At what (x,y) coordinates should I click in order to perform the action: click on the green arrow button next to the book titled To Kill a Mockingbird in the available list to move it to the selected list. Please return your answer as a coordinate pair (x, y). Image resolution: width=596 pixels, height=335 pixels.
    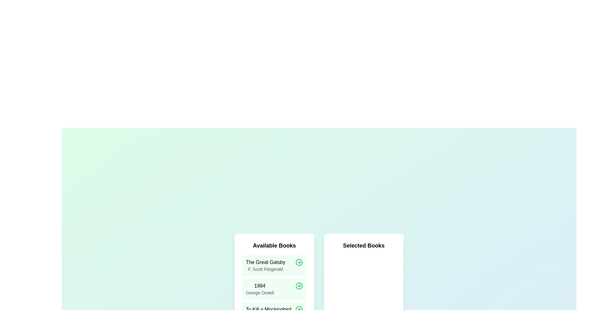
    Looking at the image, I should click on (299, 310).